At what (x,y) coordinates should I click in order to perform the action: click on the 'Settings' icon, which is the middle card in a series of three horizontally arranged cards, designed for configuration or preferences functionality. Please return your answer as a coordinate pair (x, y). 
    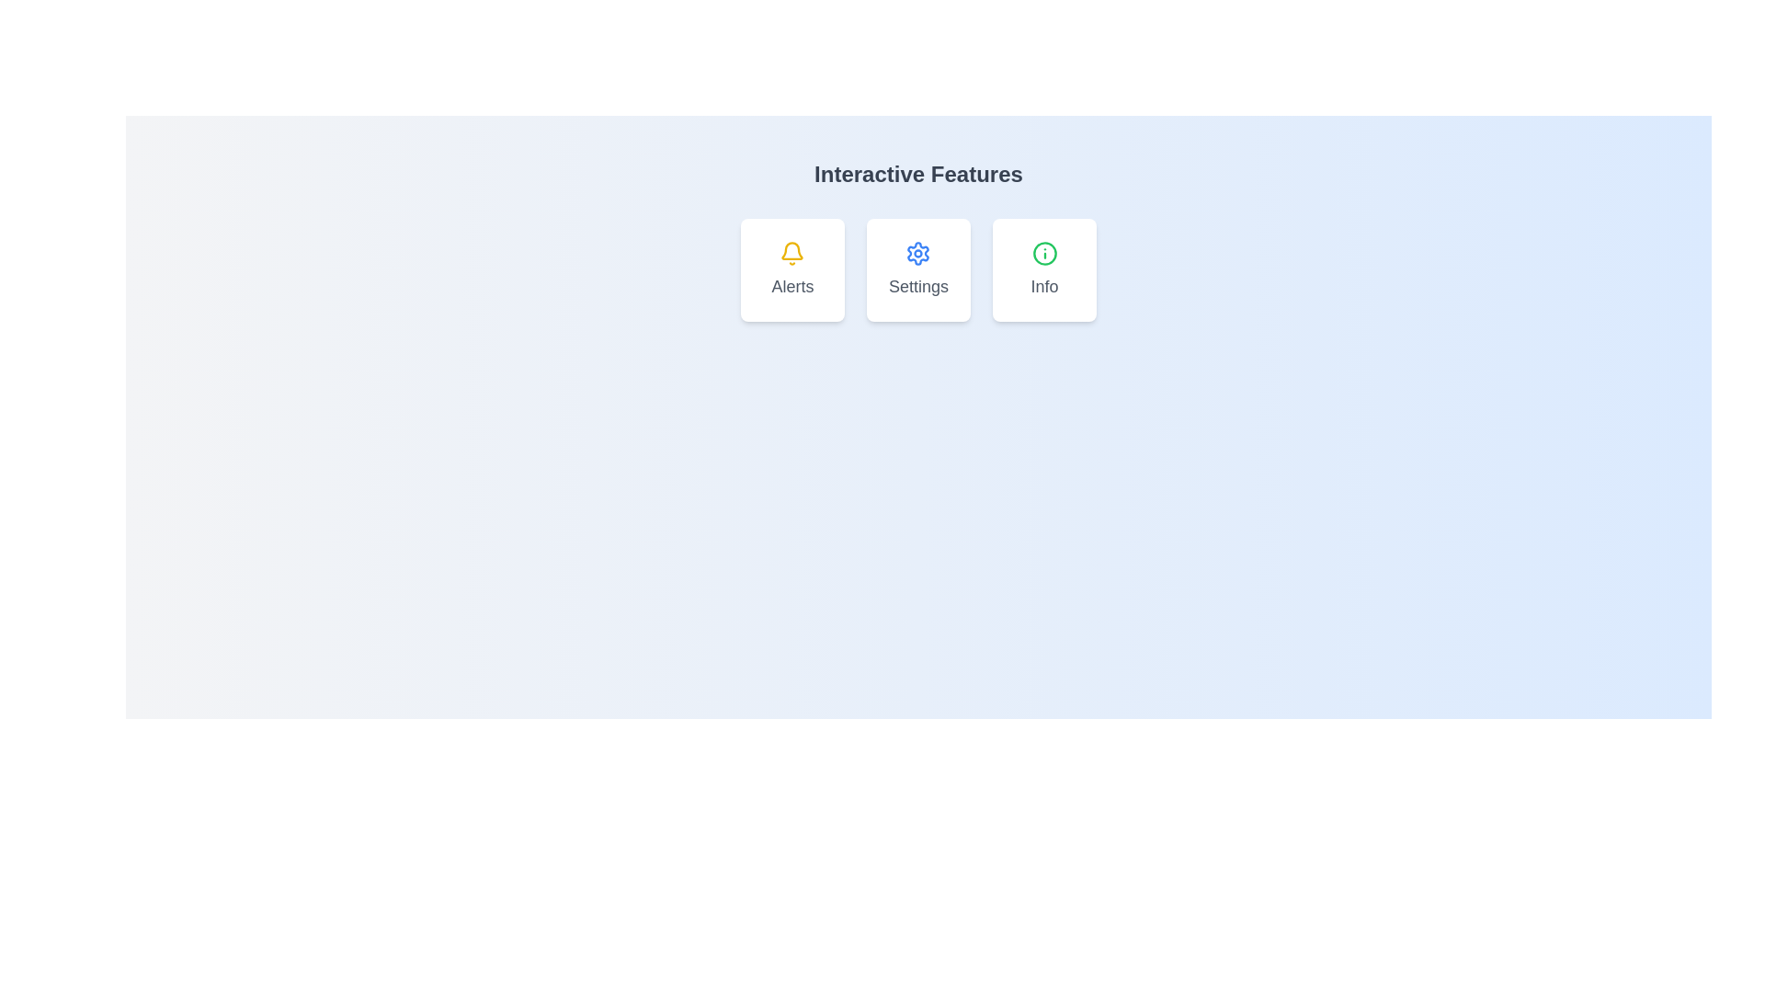
    Looking at the image, I should click on (918, 254).